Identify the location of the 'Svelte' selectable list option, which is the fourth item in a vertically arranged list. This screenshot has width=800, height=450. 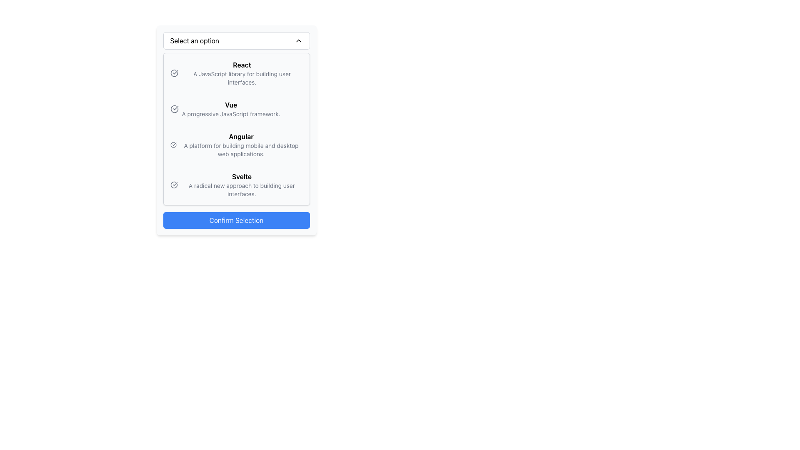
(236, 184).